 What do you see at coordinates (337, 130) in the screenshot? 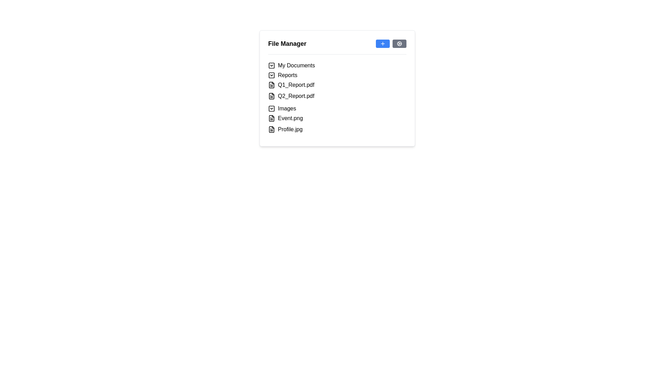
I see `the file entry item labeled 'Profile.jpg'` at bounding box center [337, 130].